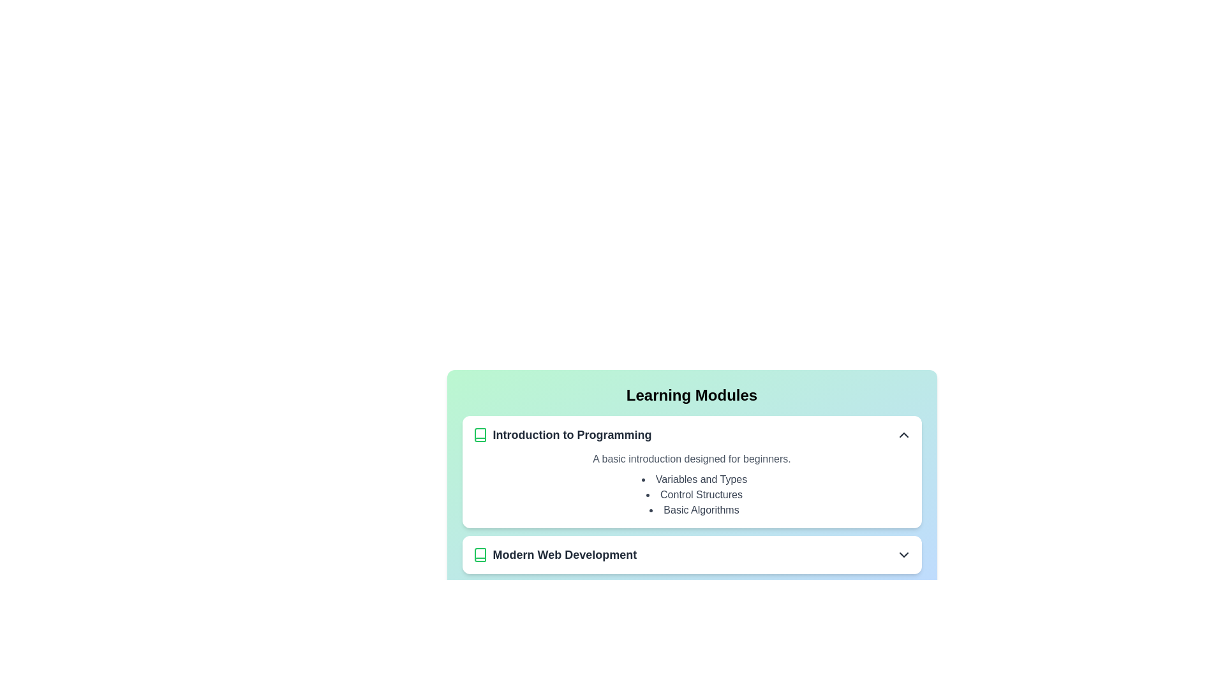 The width and height of the screenshot is (1225, 689). Describe the element at coordinates (691, 509) in the screenshot. I see `the 'Basic Algorithms' text block in the 'Learning Modules' section, which is the third bullet point in the list under 'Introduction to Programming'` at that location.